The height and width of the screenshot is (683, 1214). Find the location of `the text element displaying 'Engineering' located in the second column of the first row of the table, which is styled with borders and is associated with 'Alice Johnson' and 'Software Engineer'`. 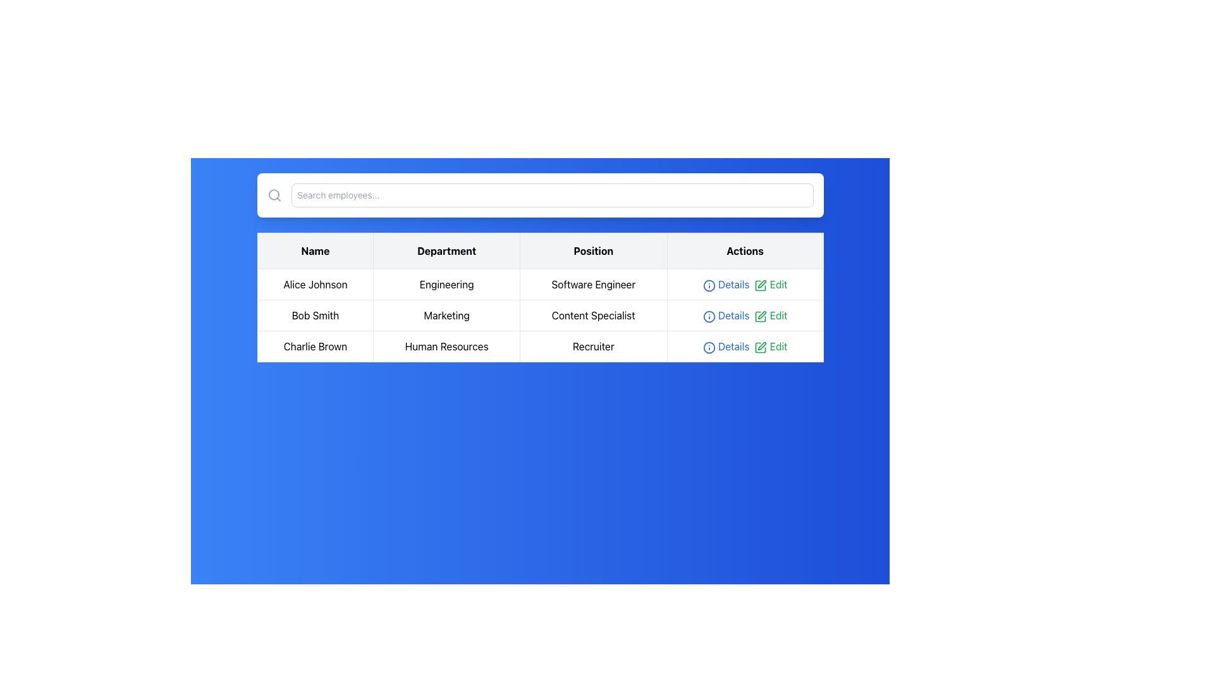

the text element displaying 'Engineering' located in the second column of the first row of the table, which is styled with borders and is associated with 'Alice Johnson' and 'Software Engineer' is located at coordinates (446, 285).